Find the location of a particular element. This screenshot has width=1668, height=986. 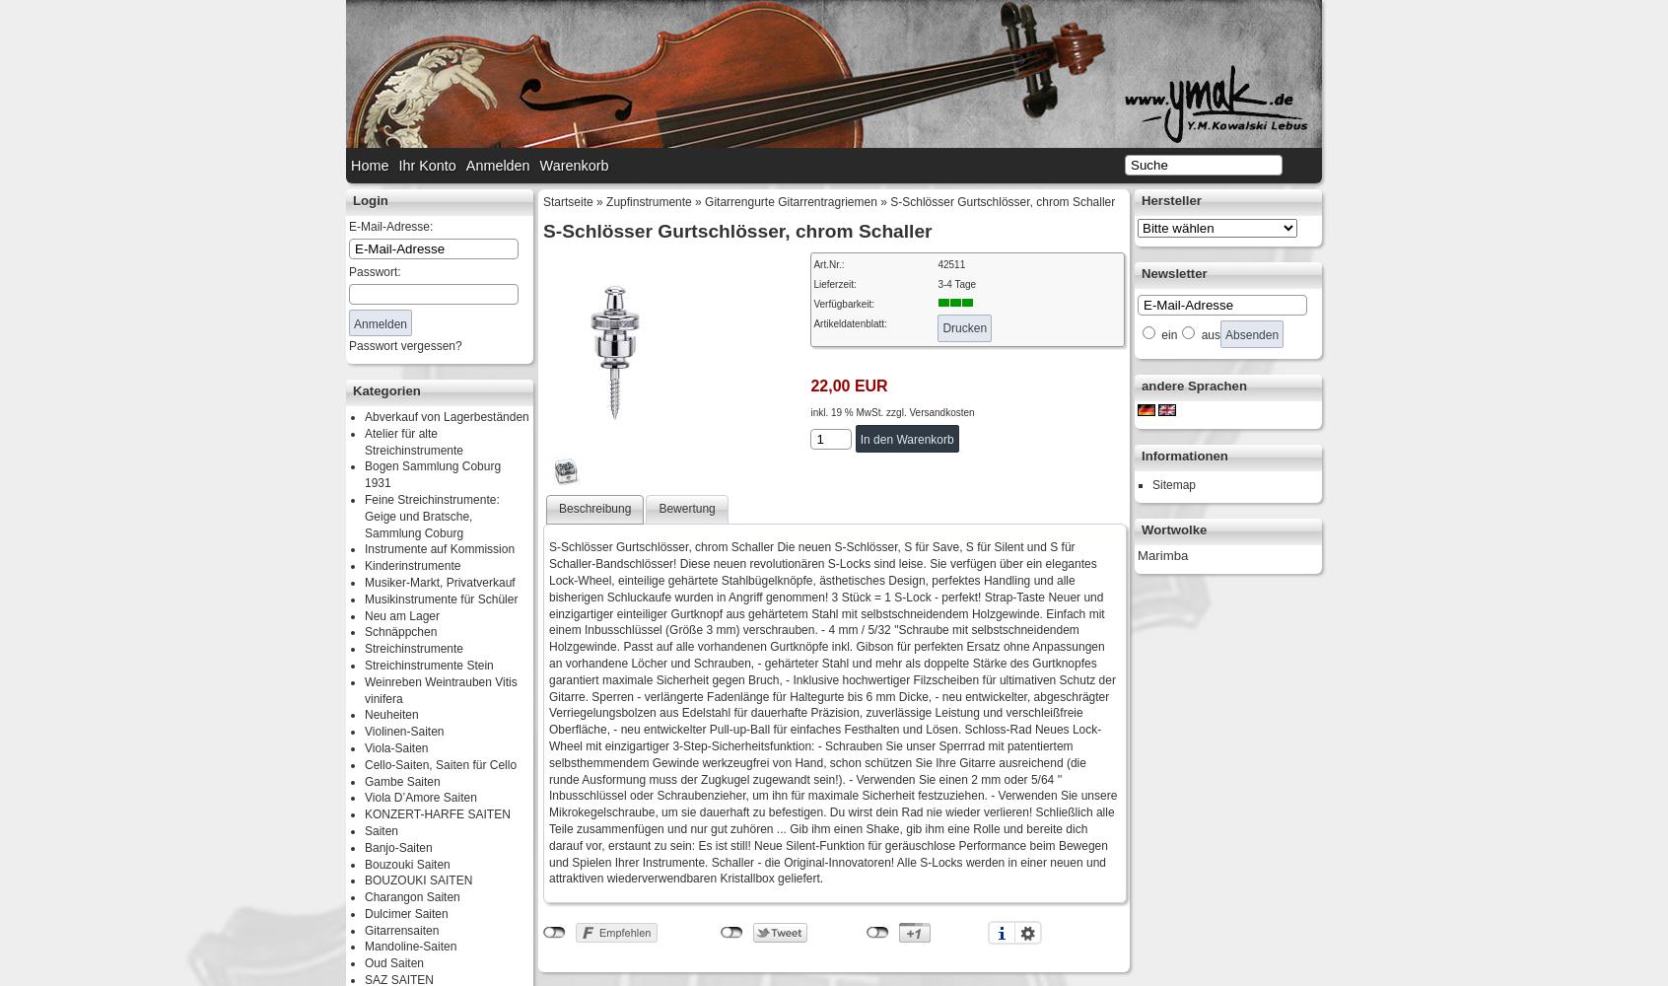

'Viola D’Amore Saiten' is located at coordinates (419, 798).